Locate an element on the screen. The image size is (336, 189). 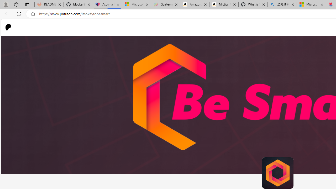
'Patreon logo' is located at coordinates (8, 27).